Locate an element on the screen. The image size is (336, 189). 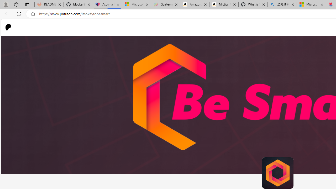
'Patreon logo' is located at coordinates (8, 27).